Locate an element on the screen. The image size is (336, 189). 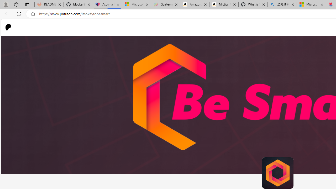
'Patreon logo' is located at coordinates (8, 27).